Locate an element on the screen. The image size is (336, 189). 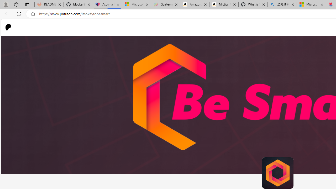
'Patreon logo' is located at coordinates (8, 27).